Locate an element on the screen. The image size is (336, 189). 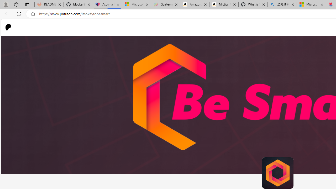
'Patreon logo' is located at coordinates (8, 27).